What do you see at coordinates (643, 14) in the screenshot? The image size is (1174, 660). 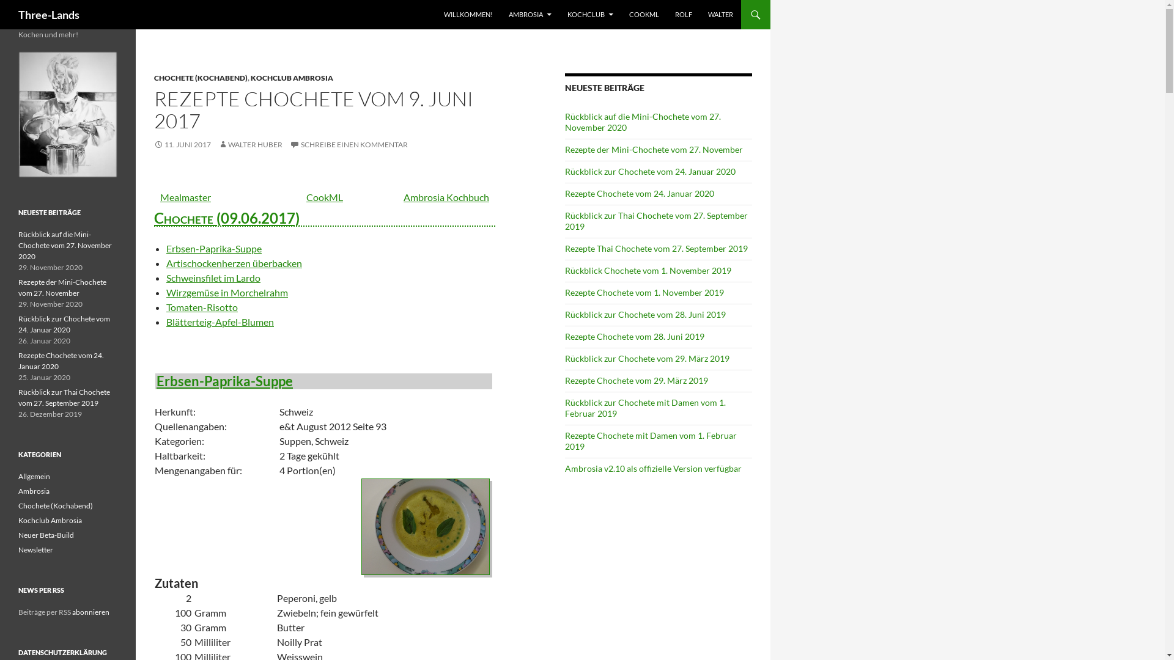 I see `'COOKML'` at bounding box center [643, 14].